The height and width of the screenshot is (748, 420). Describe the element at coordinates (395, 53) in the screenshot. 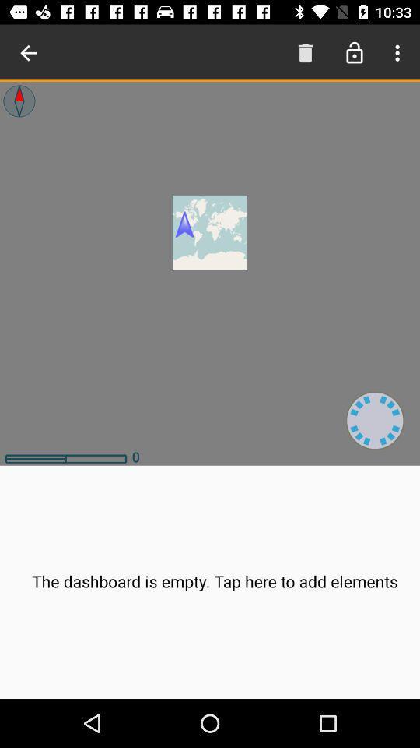

I see `menu button` at that location.